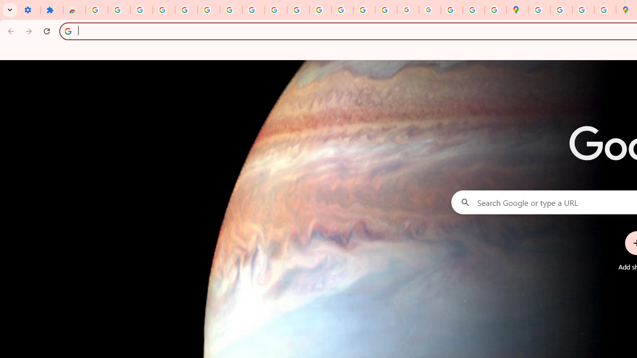 Image resolution: width=637 pixels, height=358 pixels. Describe the element at coordinates (276, 10) in the screenshot. I see `'YouTube'` at that location.